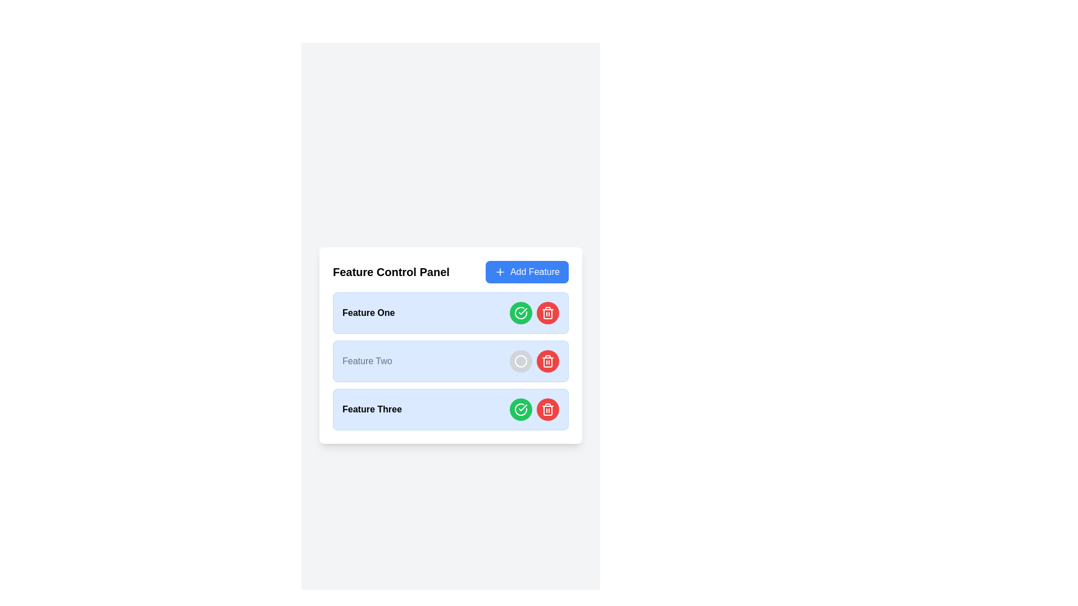 Image resolution: width=1078 pixels, height=606 pixels. What do you see at coordinates (372, 409) in the screenshot?
I see `the 'Feature Three' label, which is the third item in the vertically-stacked list within the 'Feature Control Panel' card` at bounding box center [372, 409].